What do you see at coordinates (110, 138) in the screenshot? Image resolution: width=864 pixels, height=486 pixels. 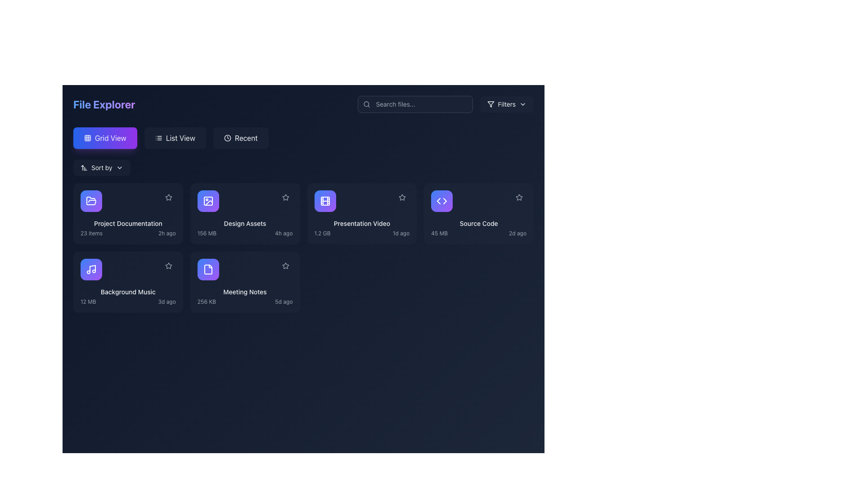 I see `the static text within the 'Grid View' button located at the top-left corner of the layout, which indicates the current viewing mode` at bounding box center [110, 138].